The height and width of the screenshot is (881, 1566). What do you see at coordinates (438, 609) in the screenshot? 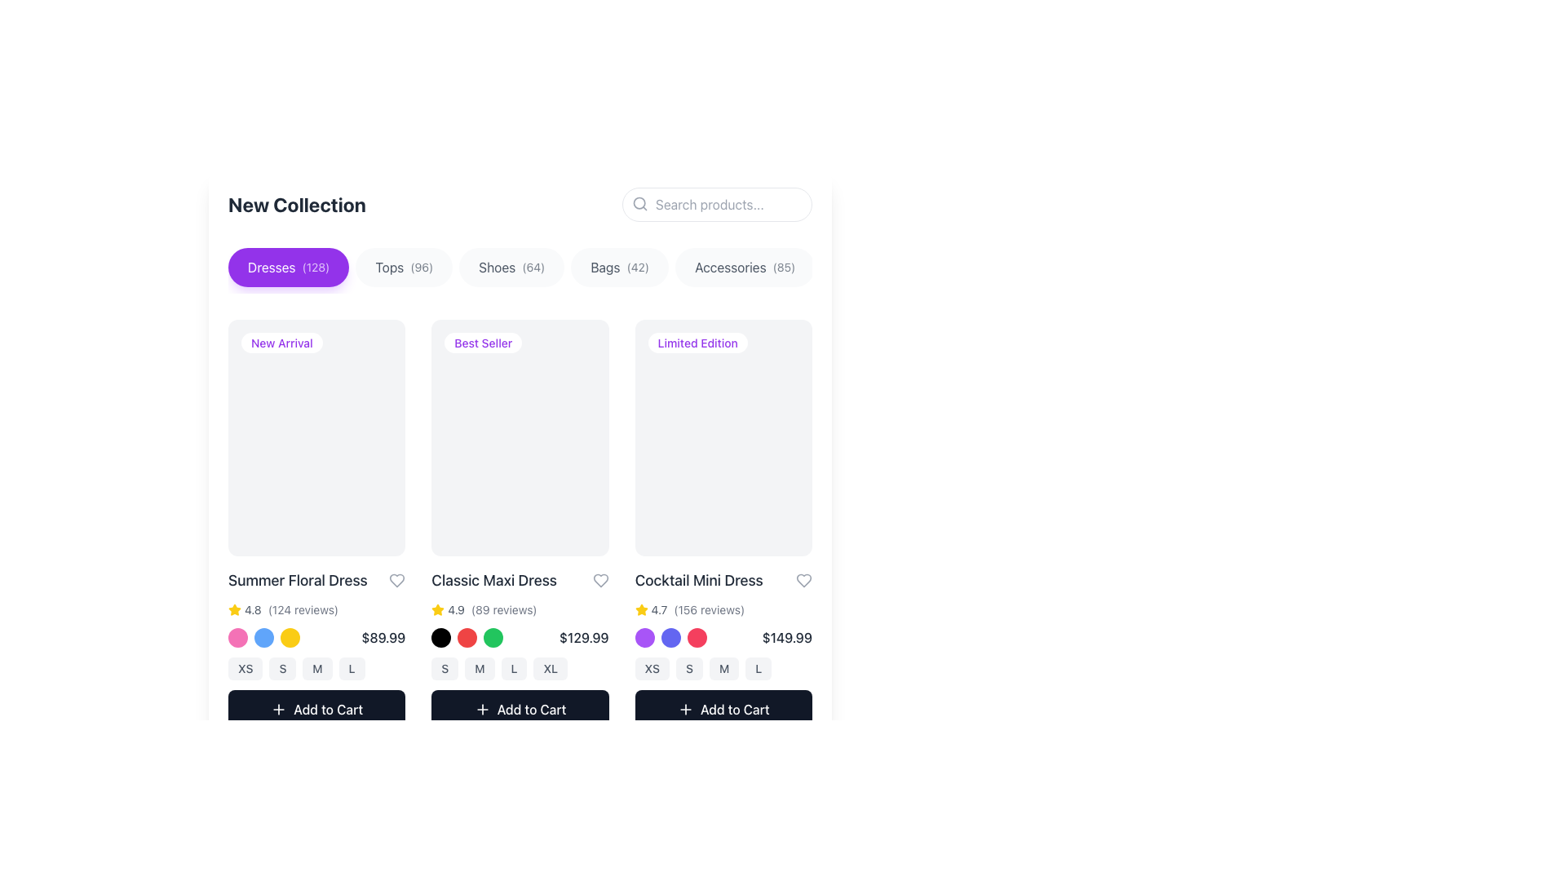
I see `the star icon that visually represents the product rating, located in the second product section from the left, just above the price information and to the left of the '4.9 (89 reviews)' text` at bounding box center [438, 609].